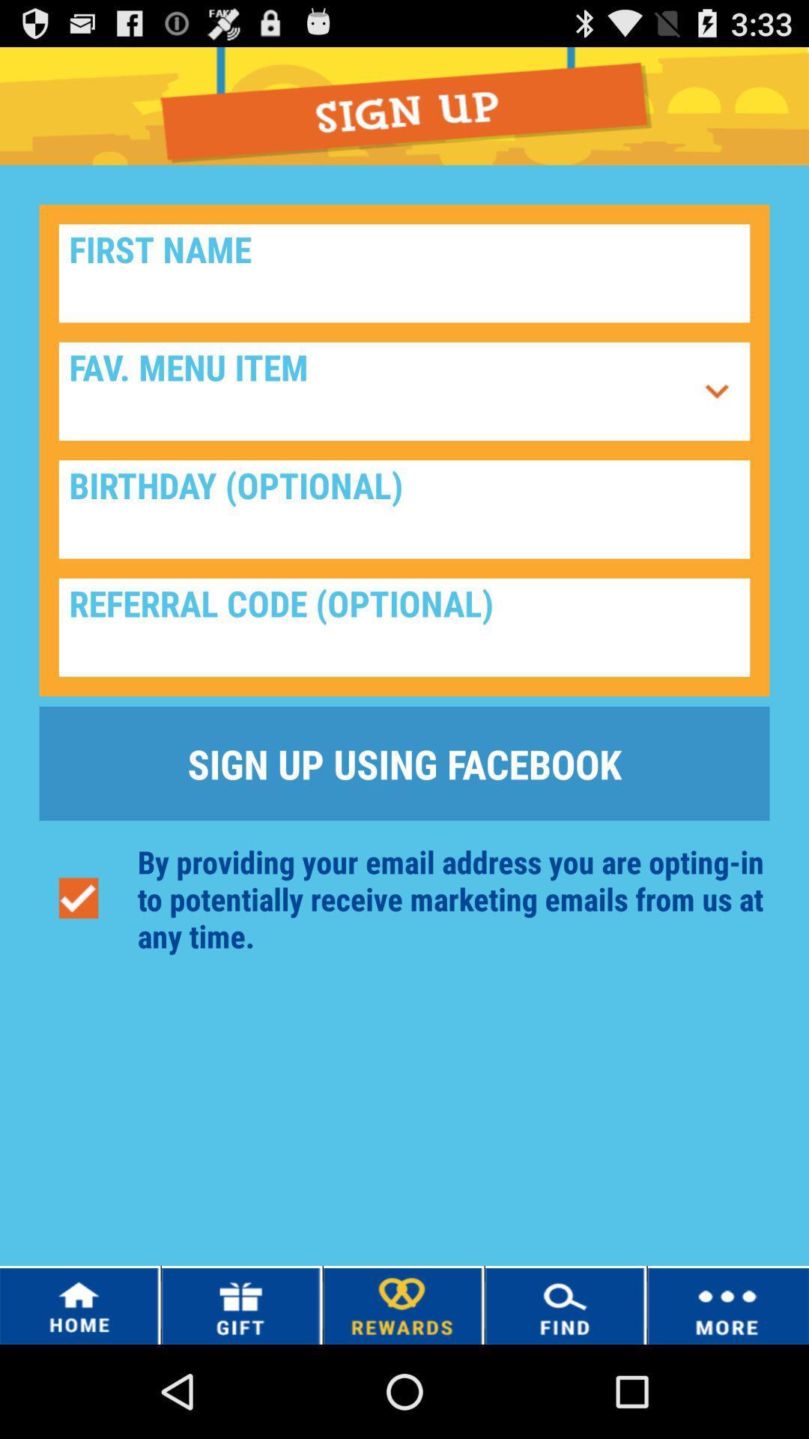  What do you see at coordinates (404, 763) in the screenshot?
I see `sign up using` at bounding box center [404, 763].